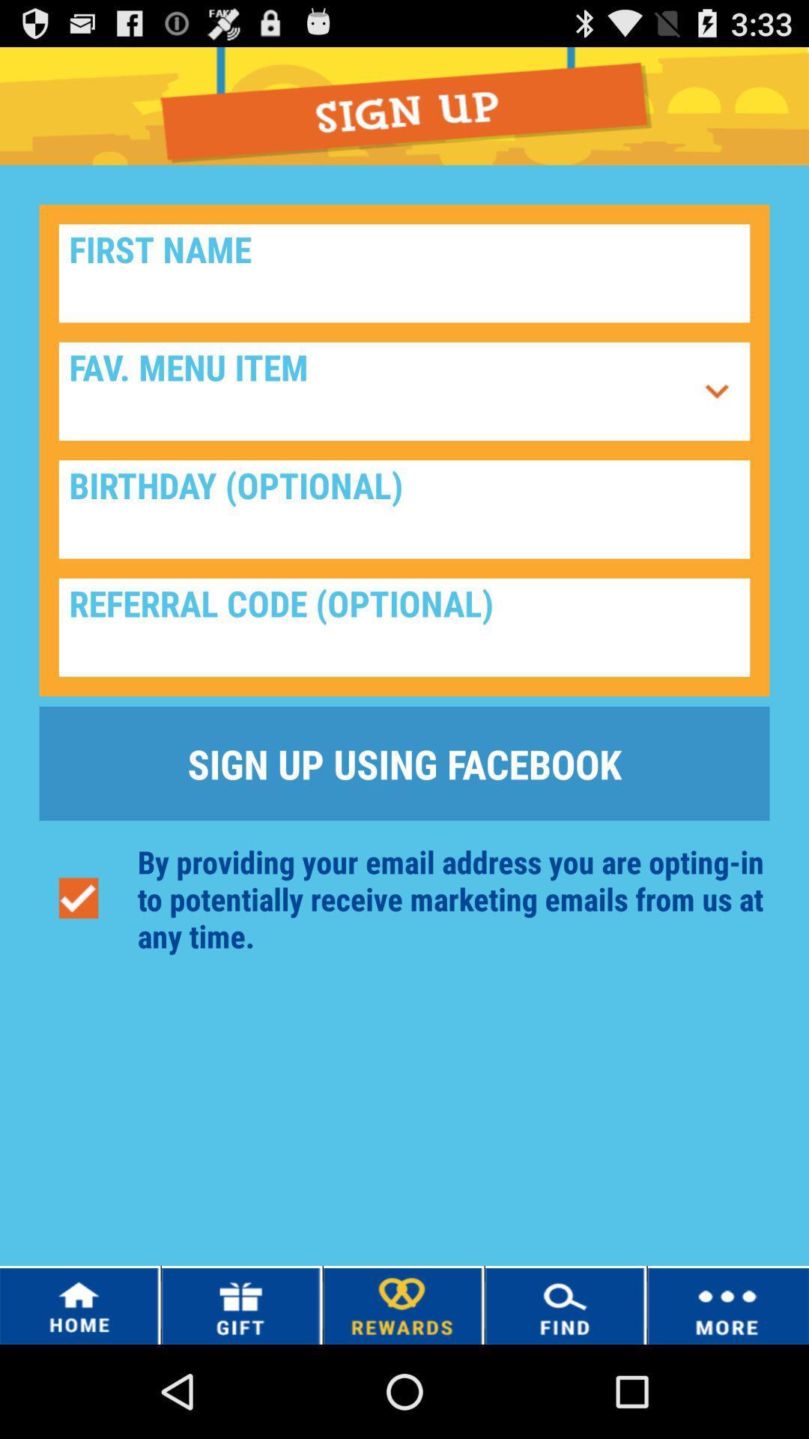  What do you see at coordinates (404, 763) in the screenshot?
I see `sign up using` at bounding box center [404, 763].